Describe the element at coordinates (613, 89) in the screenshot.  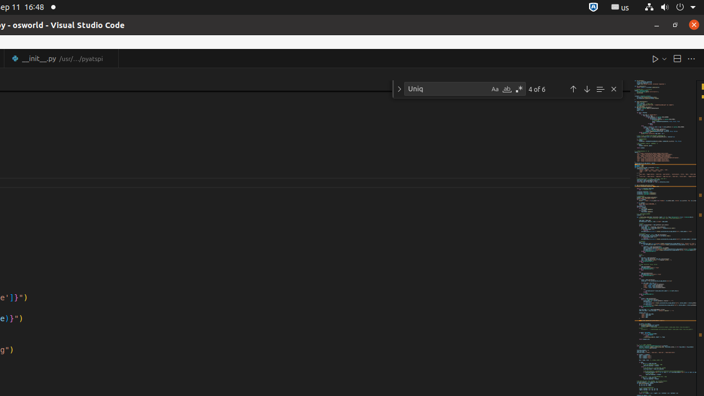
I see `'Close (Escape)'` at that location.